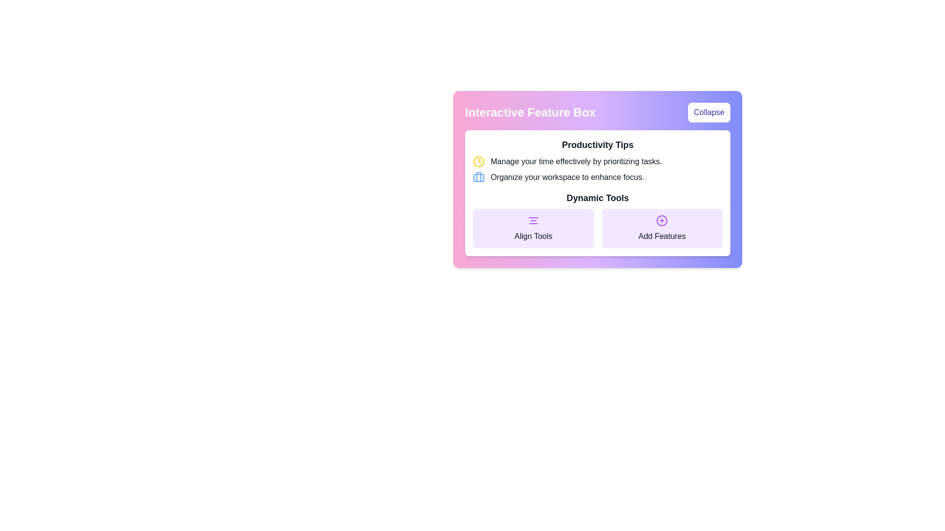 Image resolution: width=945 pixels, height=531 pixels. I want to click on the yellow clock icon with a circular outline and clock hands, located to the far left of the text 'Manage your time effectively by prioritizing tasks.', so click(479, 161).